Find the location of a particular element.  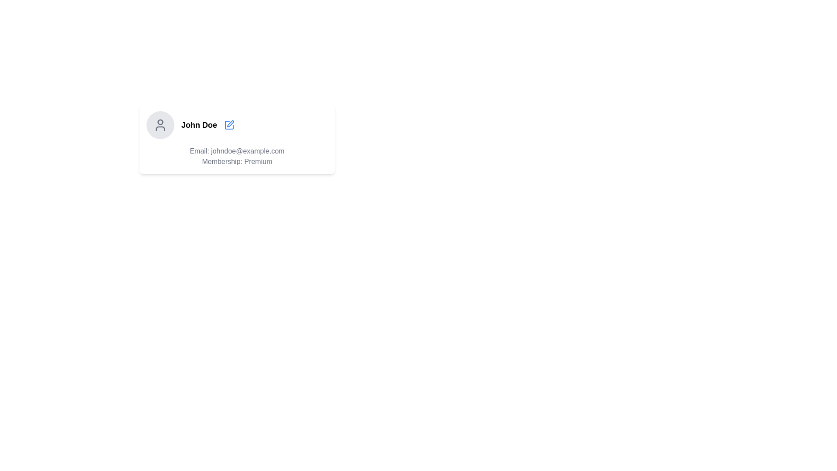

email and membership information displayed in the Text Display Block located at the bottom section of the interface, below the user's name and profile area is located at coordinates (237, 156).